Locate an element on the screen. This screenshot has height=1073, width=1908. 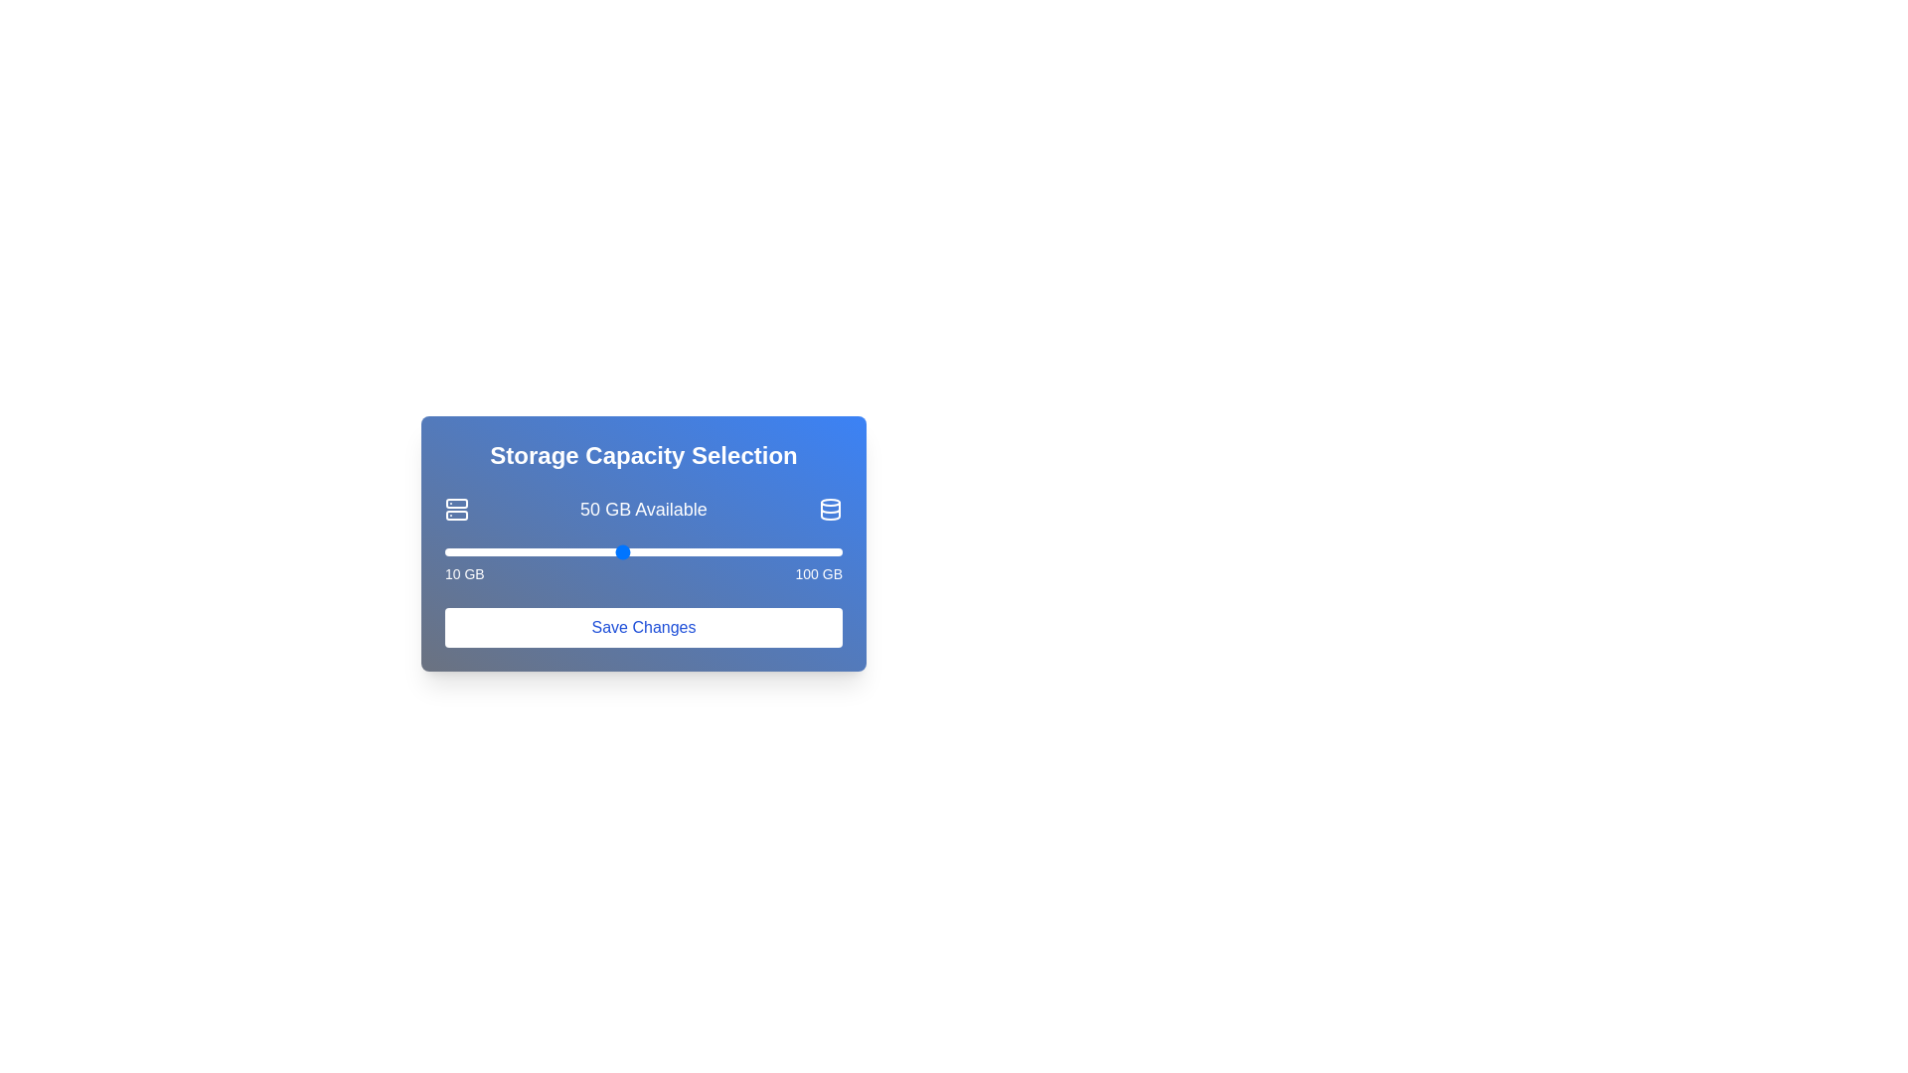
the storage slider to set the storage capacity to 33 GB is located at coordinates (547, 551).